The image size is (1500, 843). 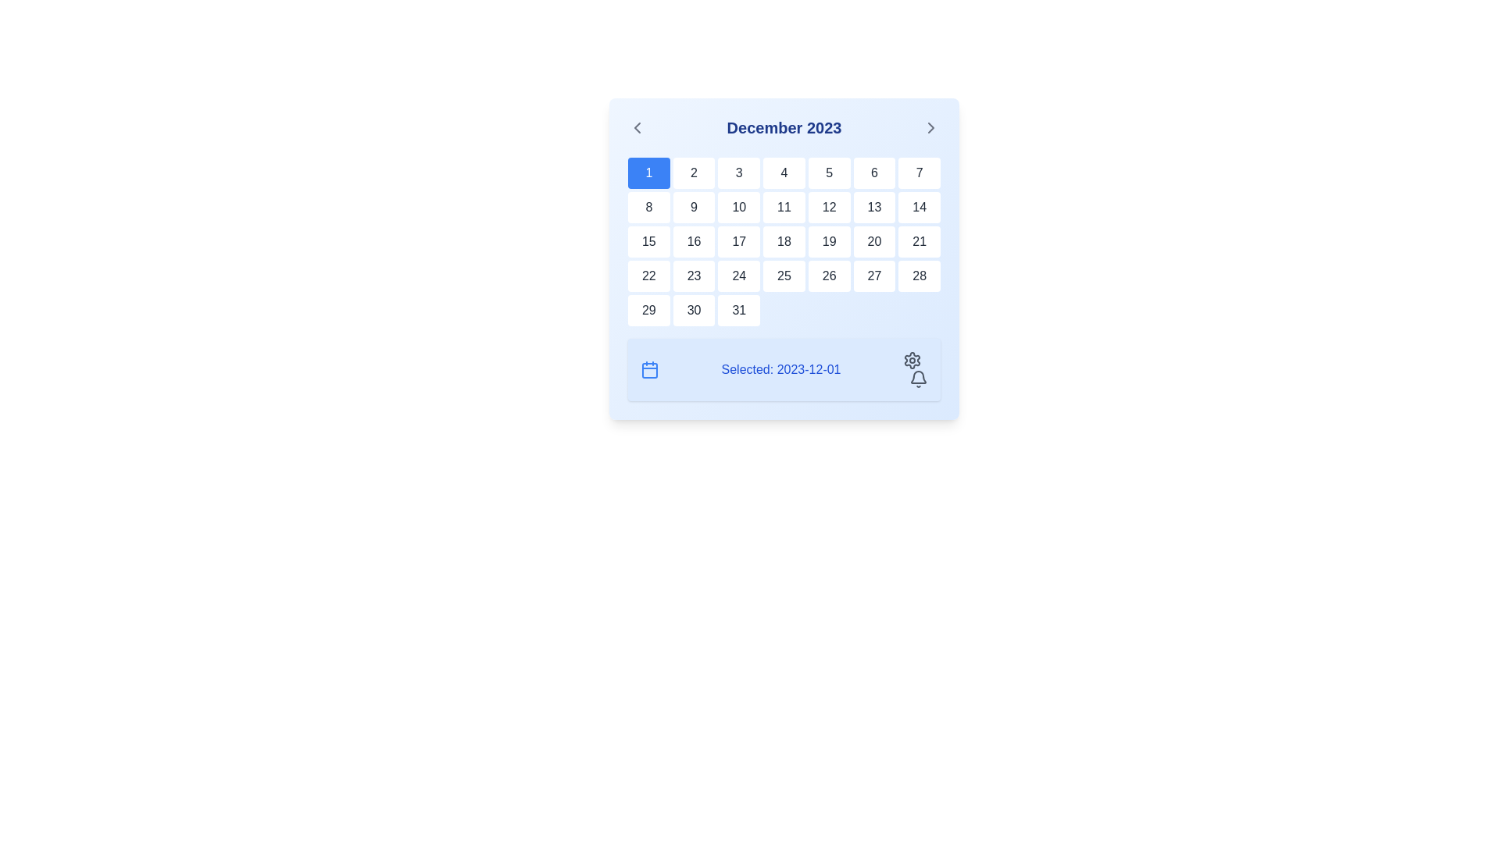 What do you see at coordinates (693, 310) in the screenshot?
I see `the Interactive calendar day cell displaying the number '30'` at bounding box center [693, 310].